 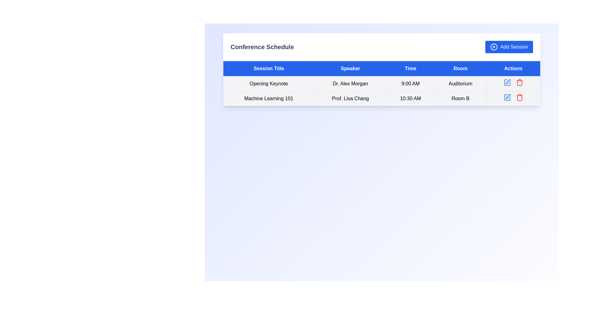 I want to click on the 'Session Title' text label displaying the title of the scheduled session in the conference schedule table, so click(x=269, y=83).